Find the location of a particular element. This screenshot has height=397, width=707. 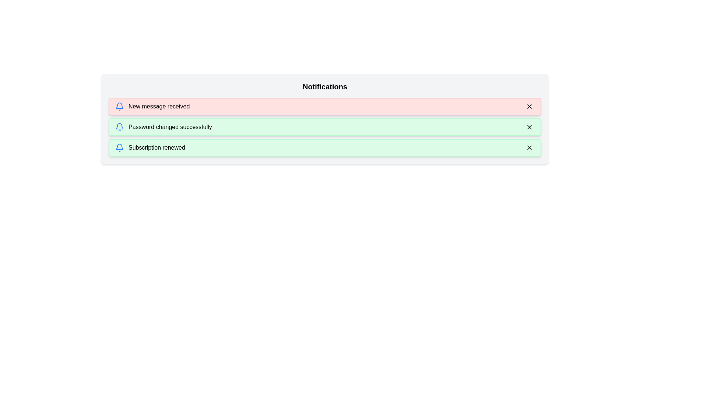

the text label displaying 'Subscription renewed' which is located in the third notification box, between the notification bell icon and the 'X' button, to read its content is located at coordinates (156, 147).